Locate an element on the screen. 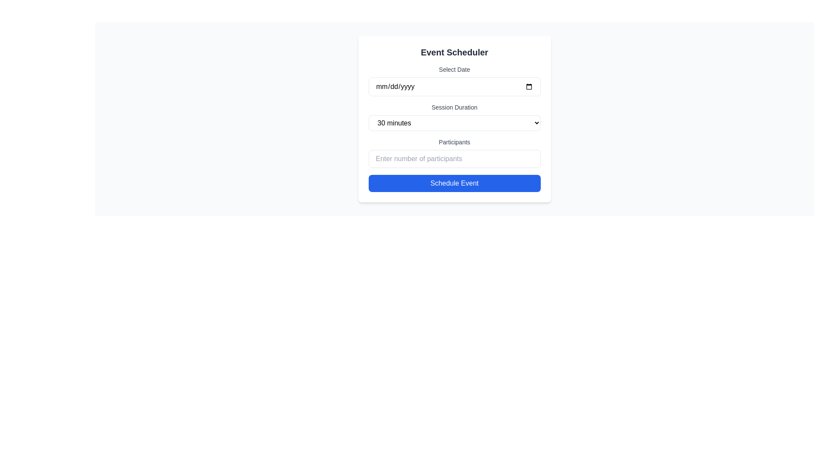  the text label that indicates the purpose of the adjacent input field for entering the number of participants is located at coordinates (454, 142).